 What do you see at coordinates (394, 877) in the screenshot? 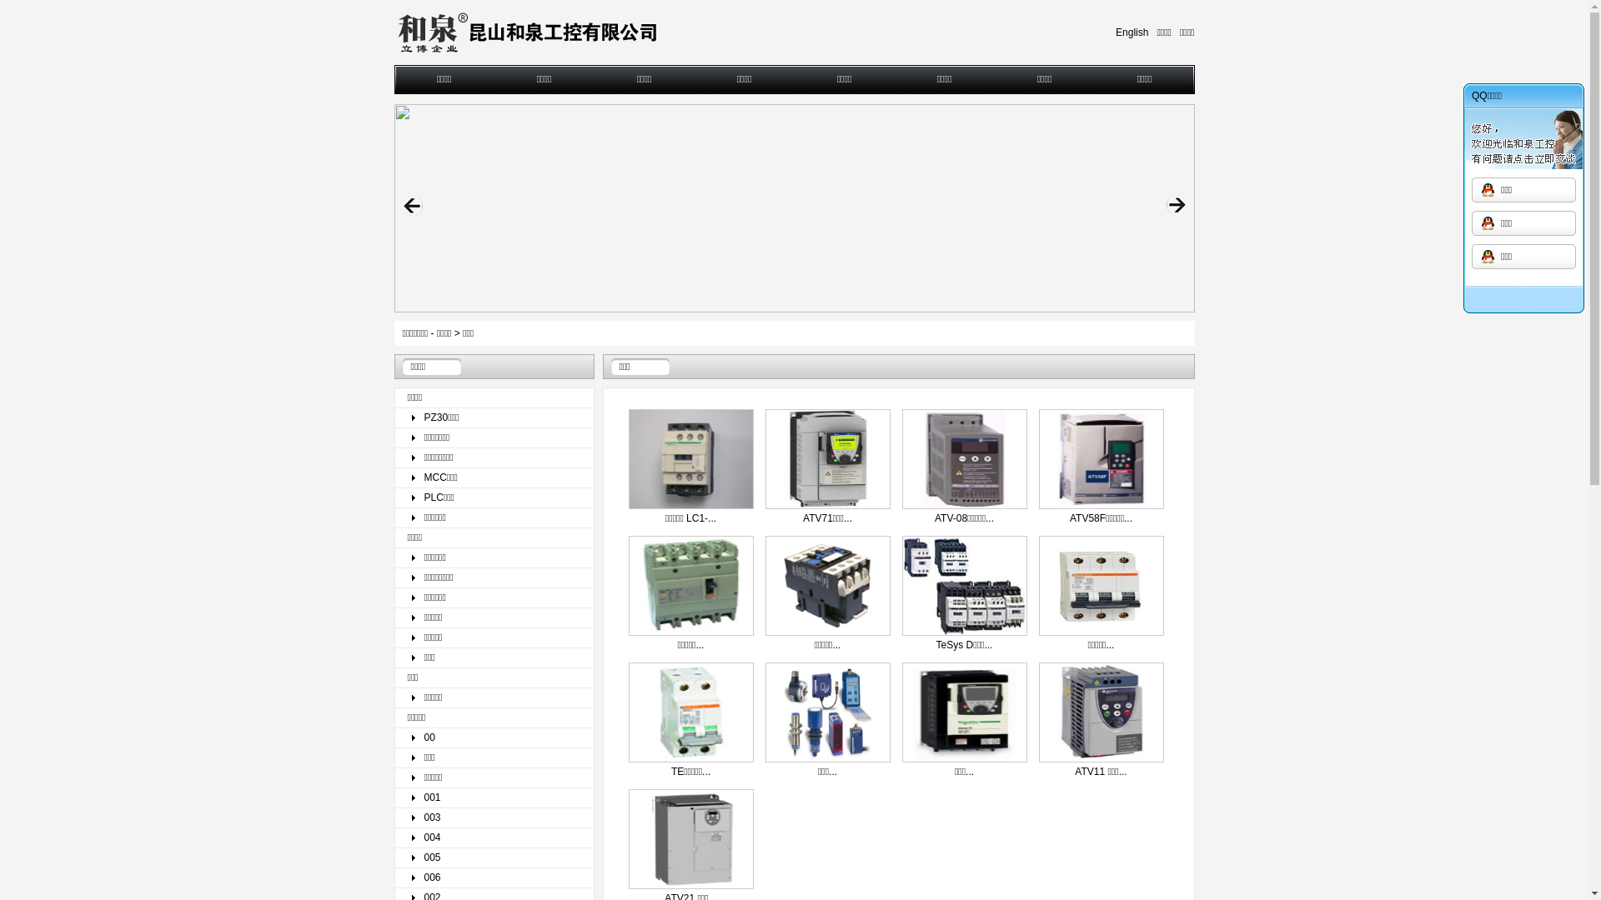
I see `'006'` at bounding box center [394, 877].